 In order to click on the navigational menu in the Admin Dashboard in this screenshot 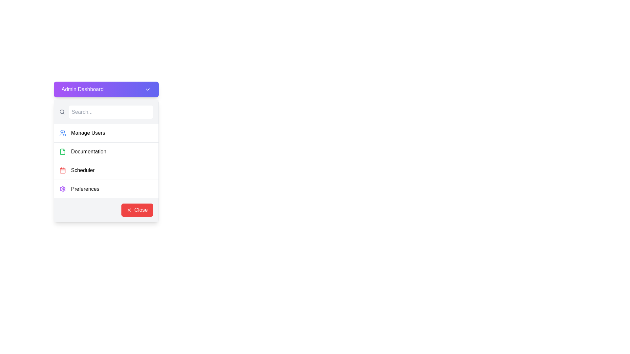, I will do `click(106, 161)`.